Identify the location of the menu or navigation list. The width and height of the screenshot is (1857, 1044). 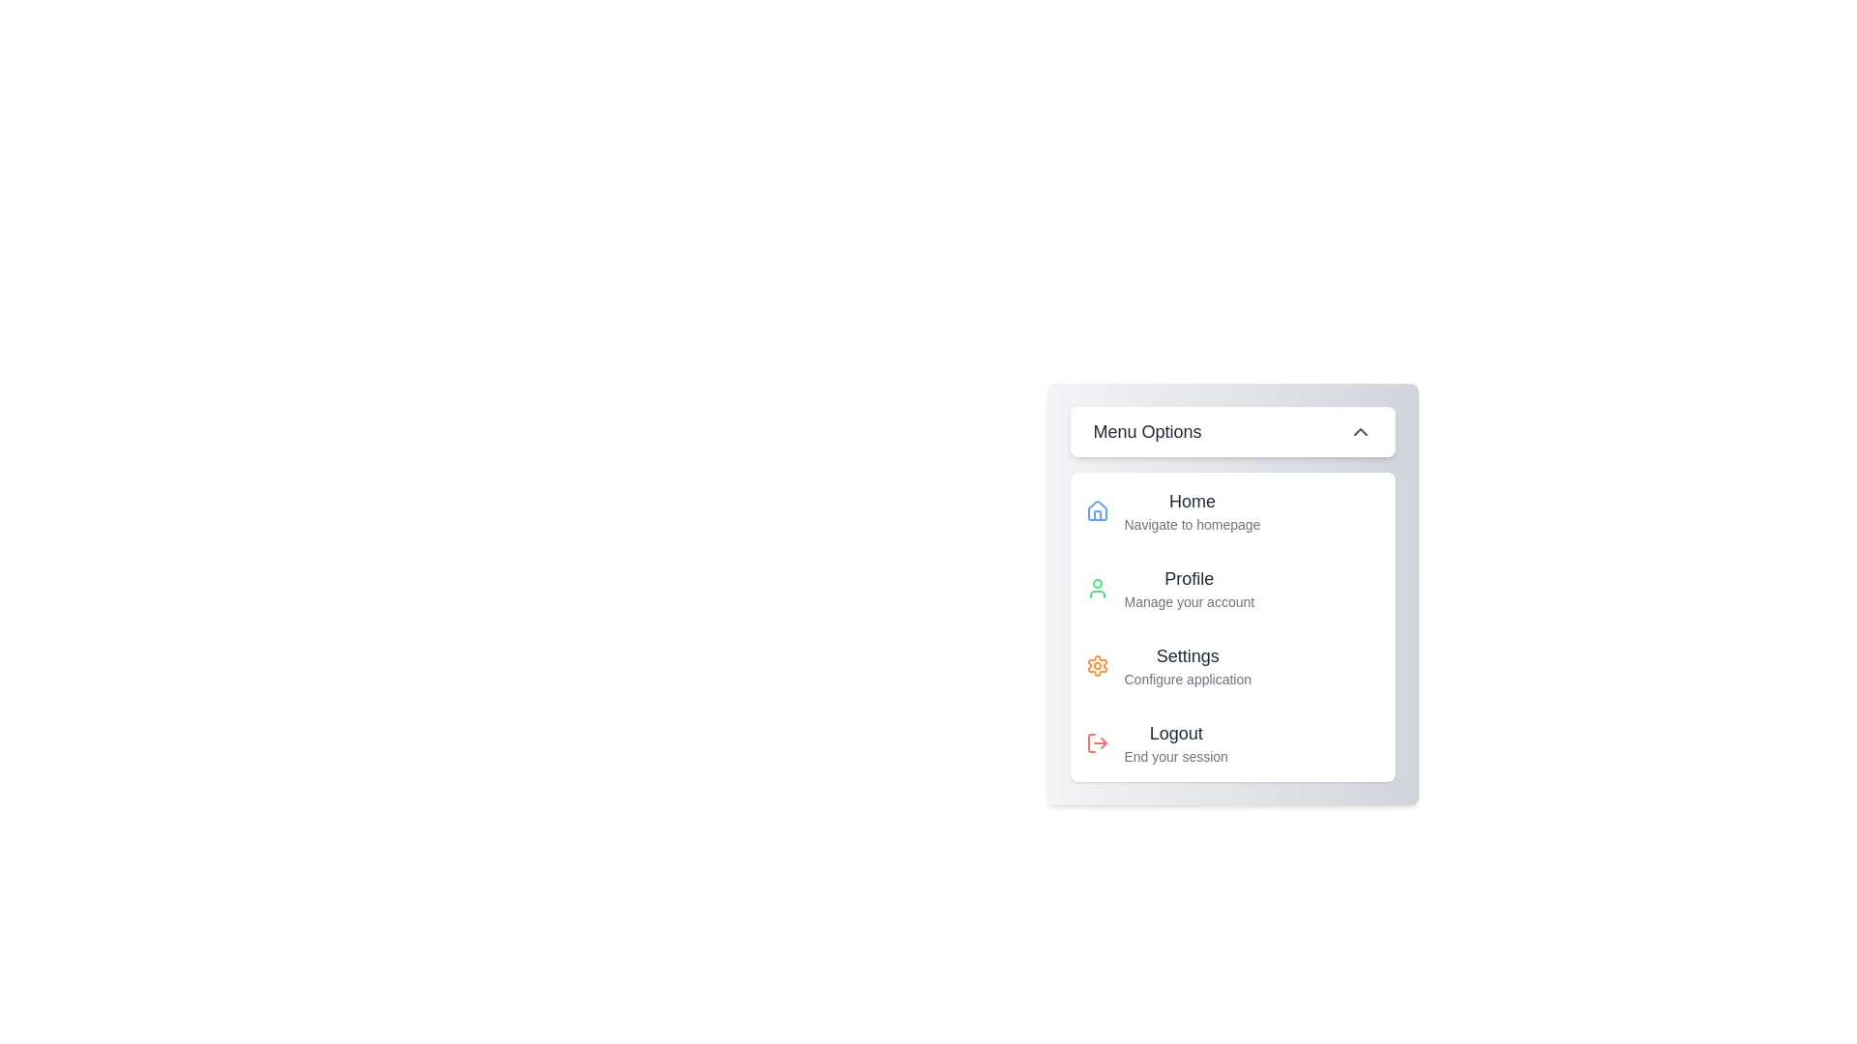
(1231, 626).